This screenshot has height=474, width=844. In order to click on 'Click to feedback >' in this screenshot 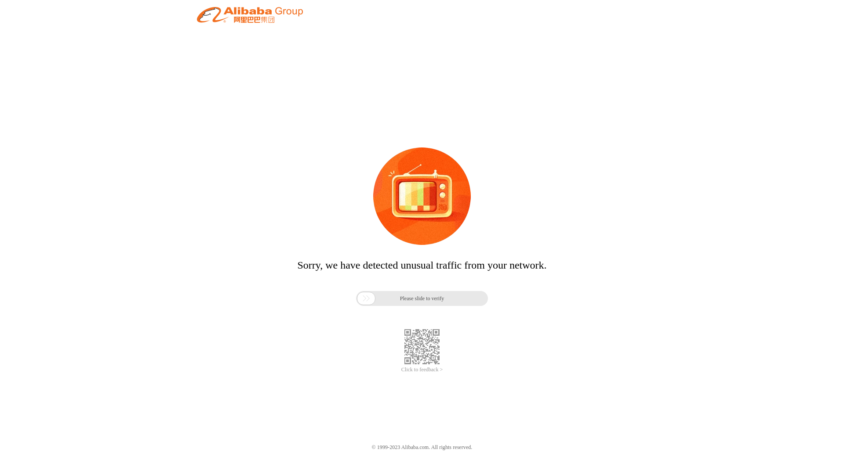, I will do `click(422, 370)`.